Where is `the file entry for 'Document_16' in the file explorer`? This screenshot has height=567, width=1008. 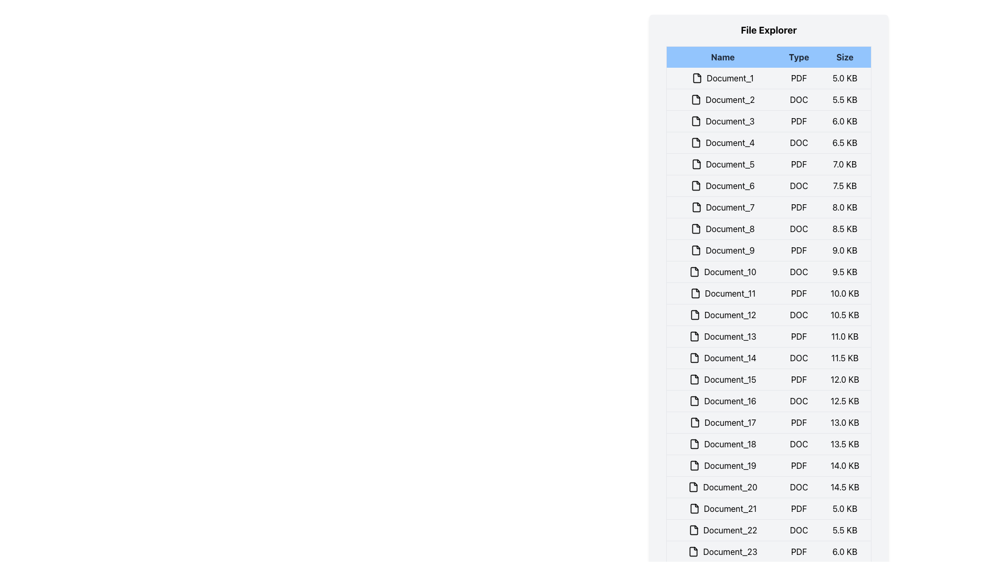
the file entry for 'Document_16' in the file explorer is located at coordinates (769, 401).